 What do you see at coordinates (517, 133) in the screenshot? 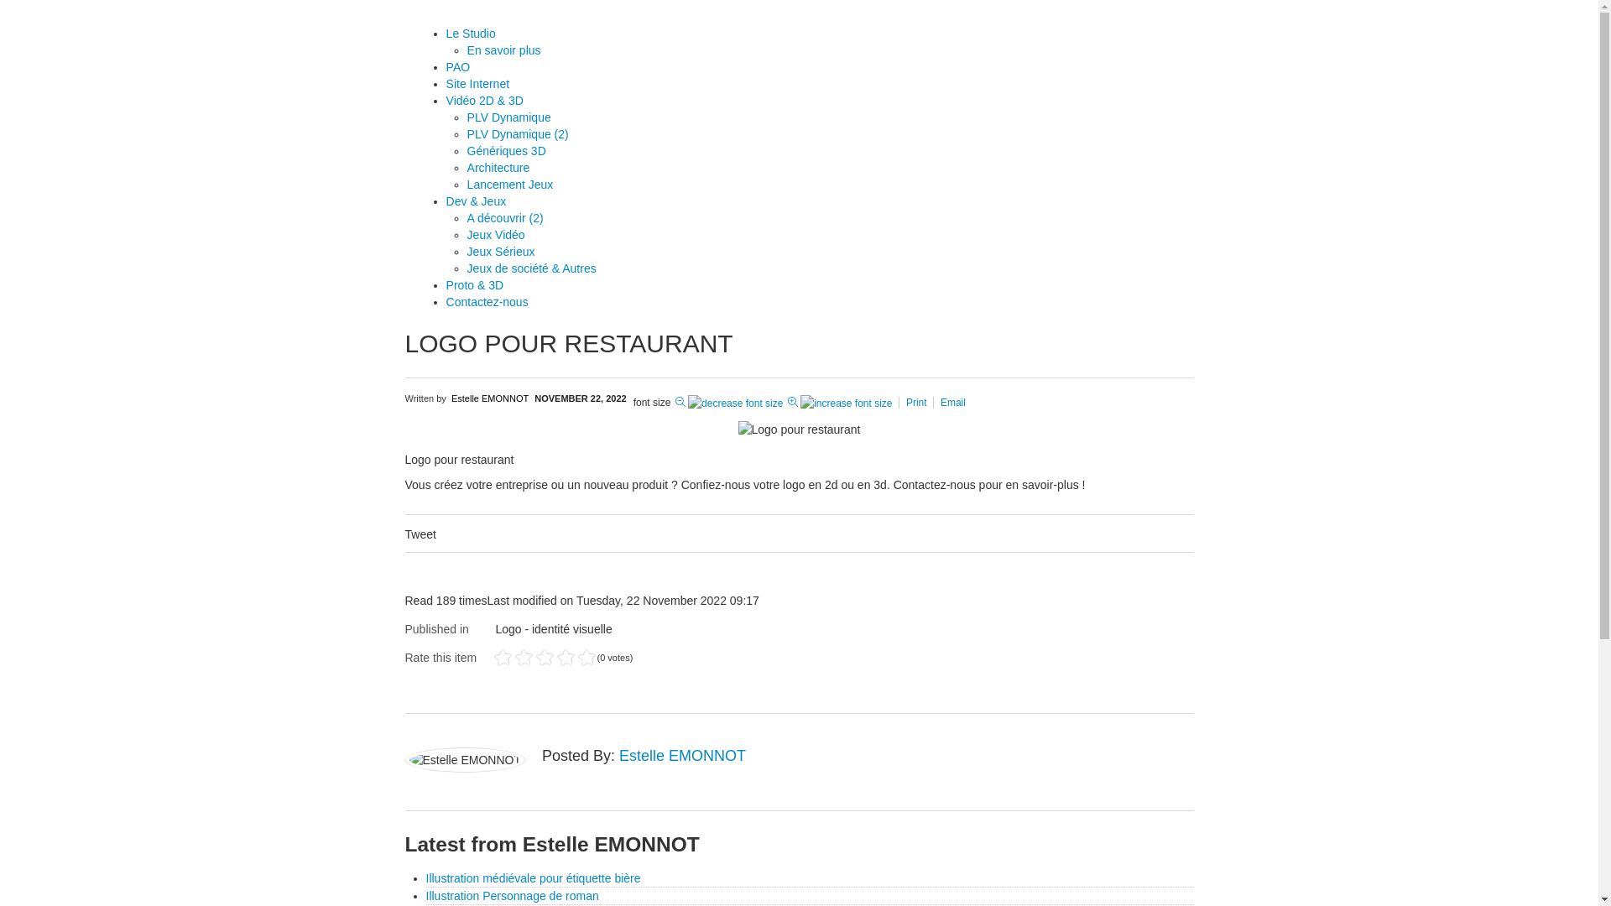
I see `'PLV Dynamique (2)'` at bounding box center [517, 133].